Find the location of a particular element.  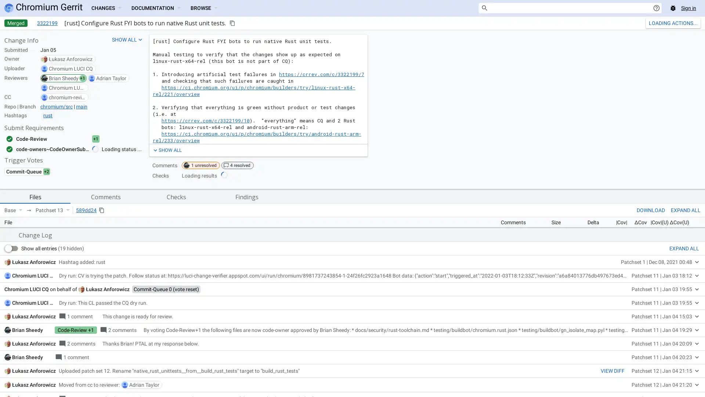

chromium-reviews@chromium.org is located at coordinates (67, 97).